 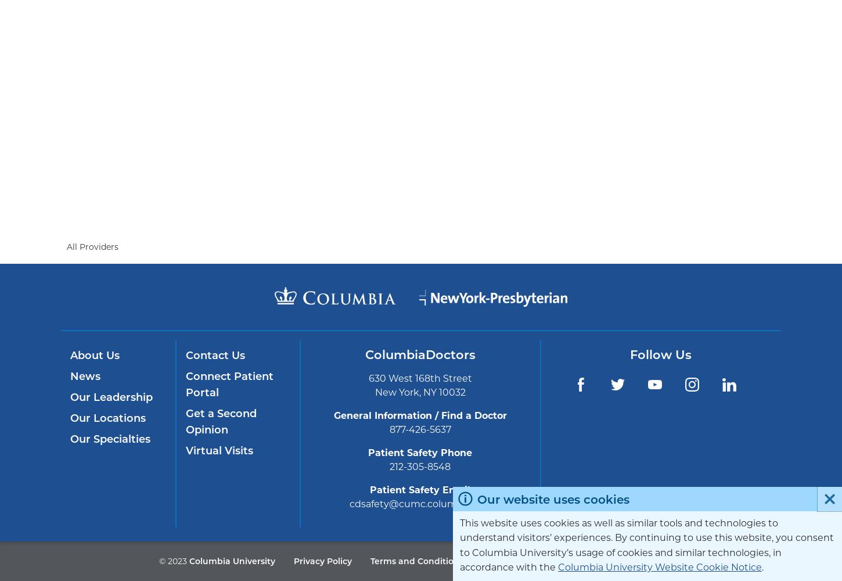 What do you see at coordinates (94, 354) in the screenshot?
I see `'About Us'` at bounding box center [94, 354].